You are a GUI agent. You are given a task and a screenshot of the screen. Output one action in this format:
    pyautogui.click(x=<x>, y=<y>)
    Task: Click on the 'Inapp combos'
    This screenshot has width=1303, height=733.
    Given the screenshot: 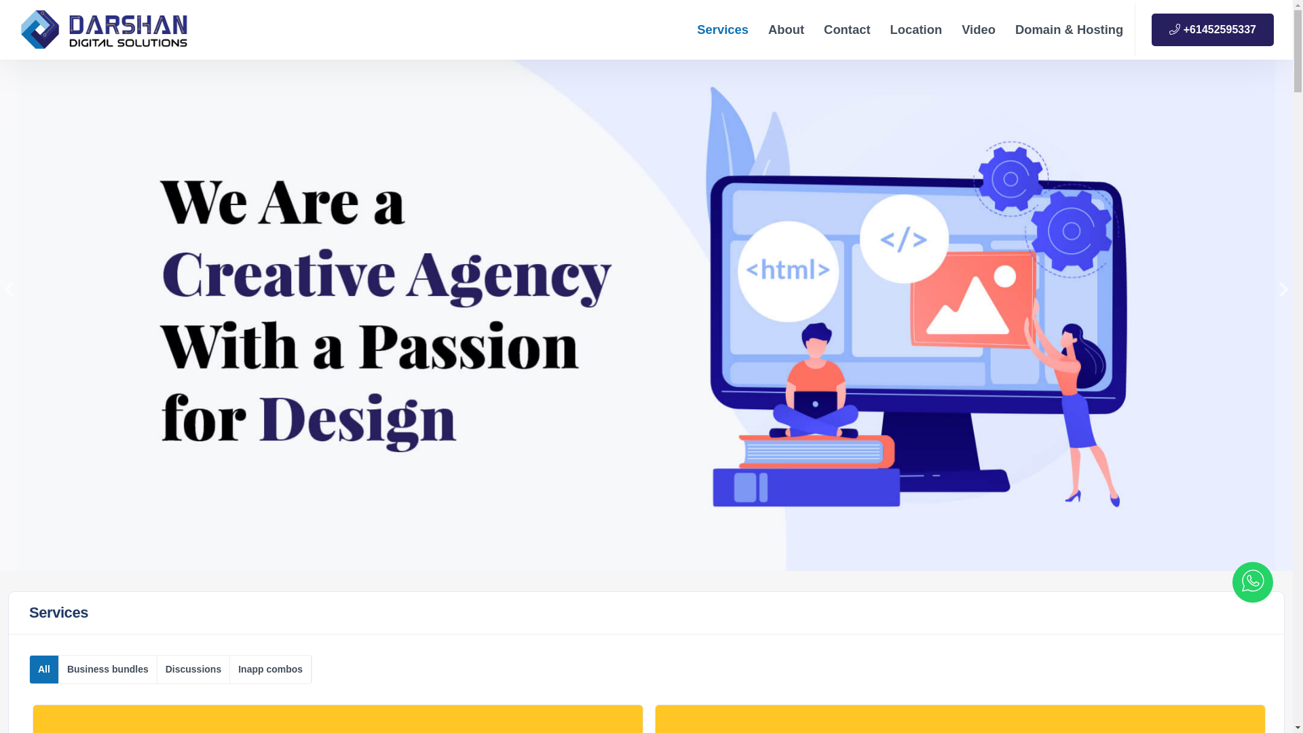 What is the action you would take?
    pyautogui.click(x=270, y=669)
    